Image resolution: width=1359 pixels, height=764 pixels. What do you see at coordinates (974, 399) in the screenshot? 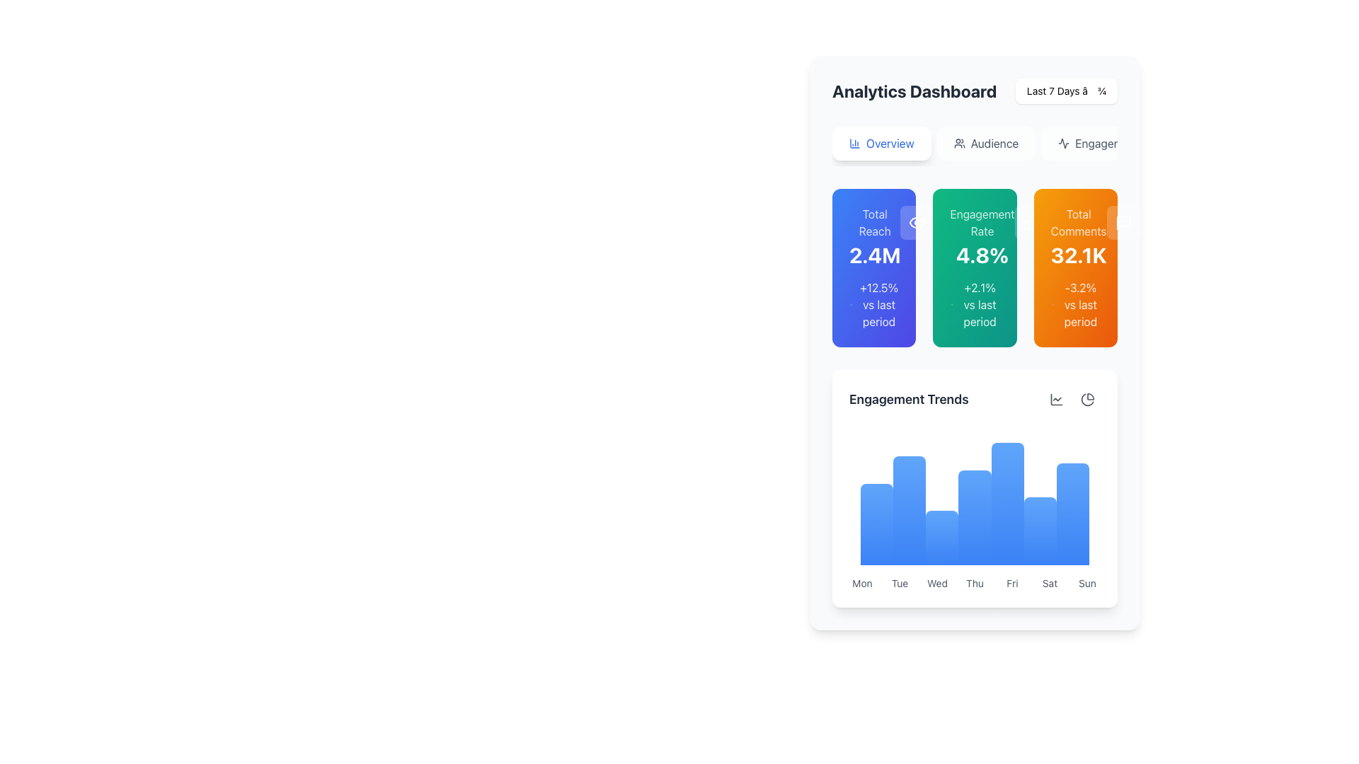
I see `the text label that serves as a title or heading for 'Engagement Trends' in the dashboard for accessibility` at bounding box center [974, 399].